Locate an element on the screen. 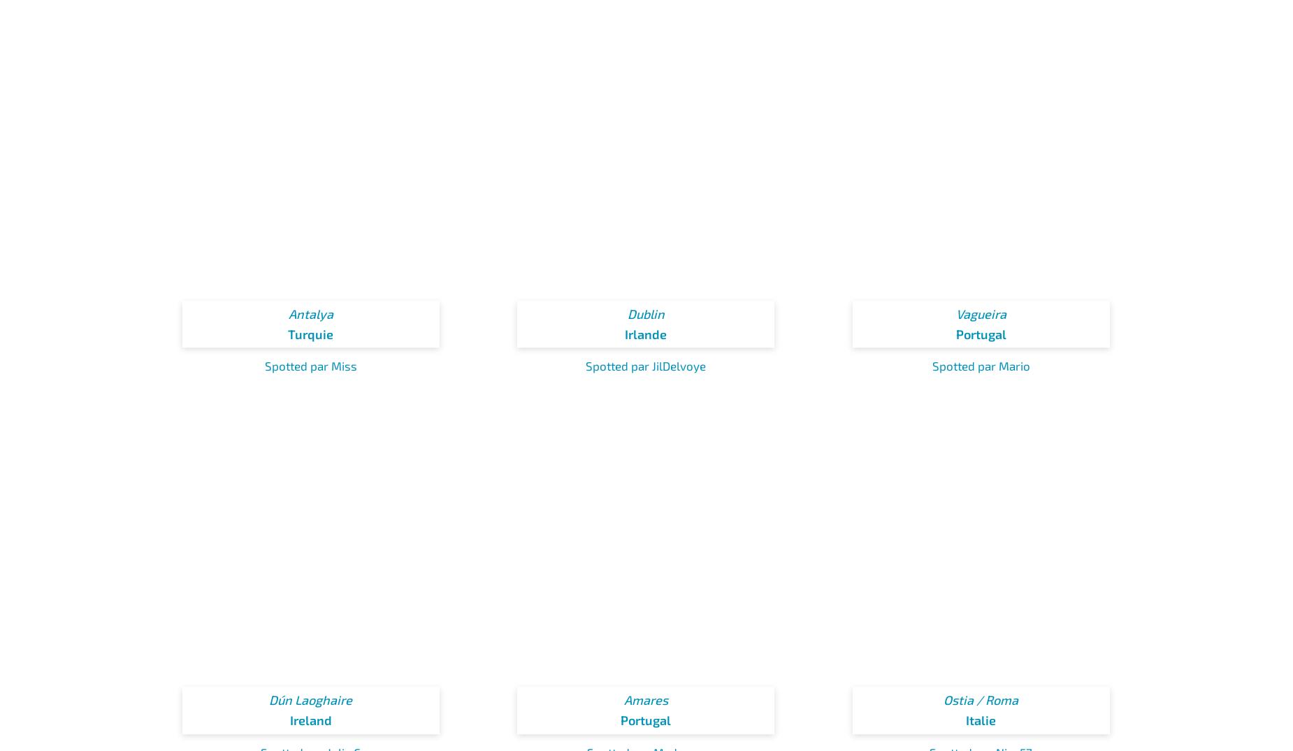 This screenshot has height=751, width=1293. 'Irlande' is located at coordinates (624, 332).